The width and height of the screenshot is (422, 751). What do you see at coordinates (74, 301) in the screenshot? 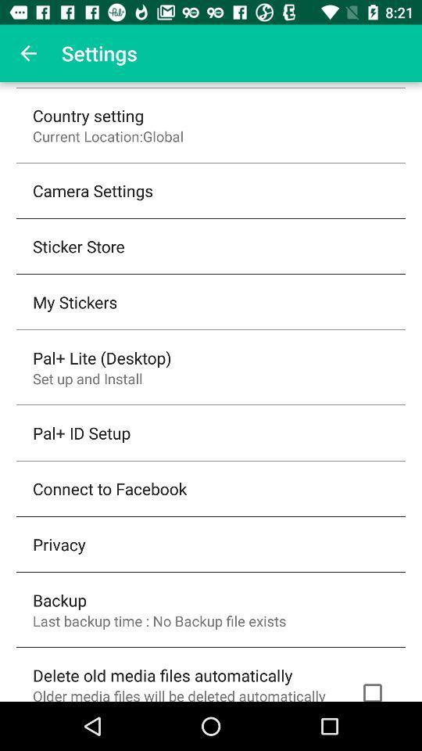
I see `item below sticker store` at bounding box center [74, 301].